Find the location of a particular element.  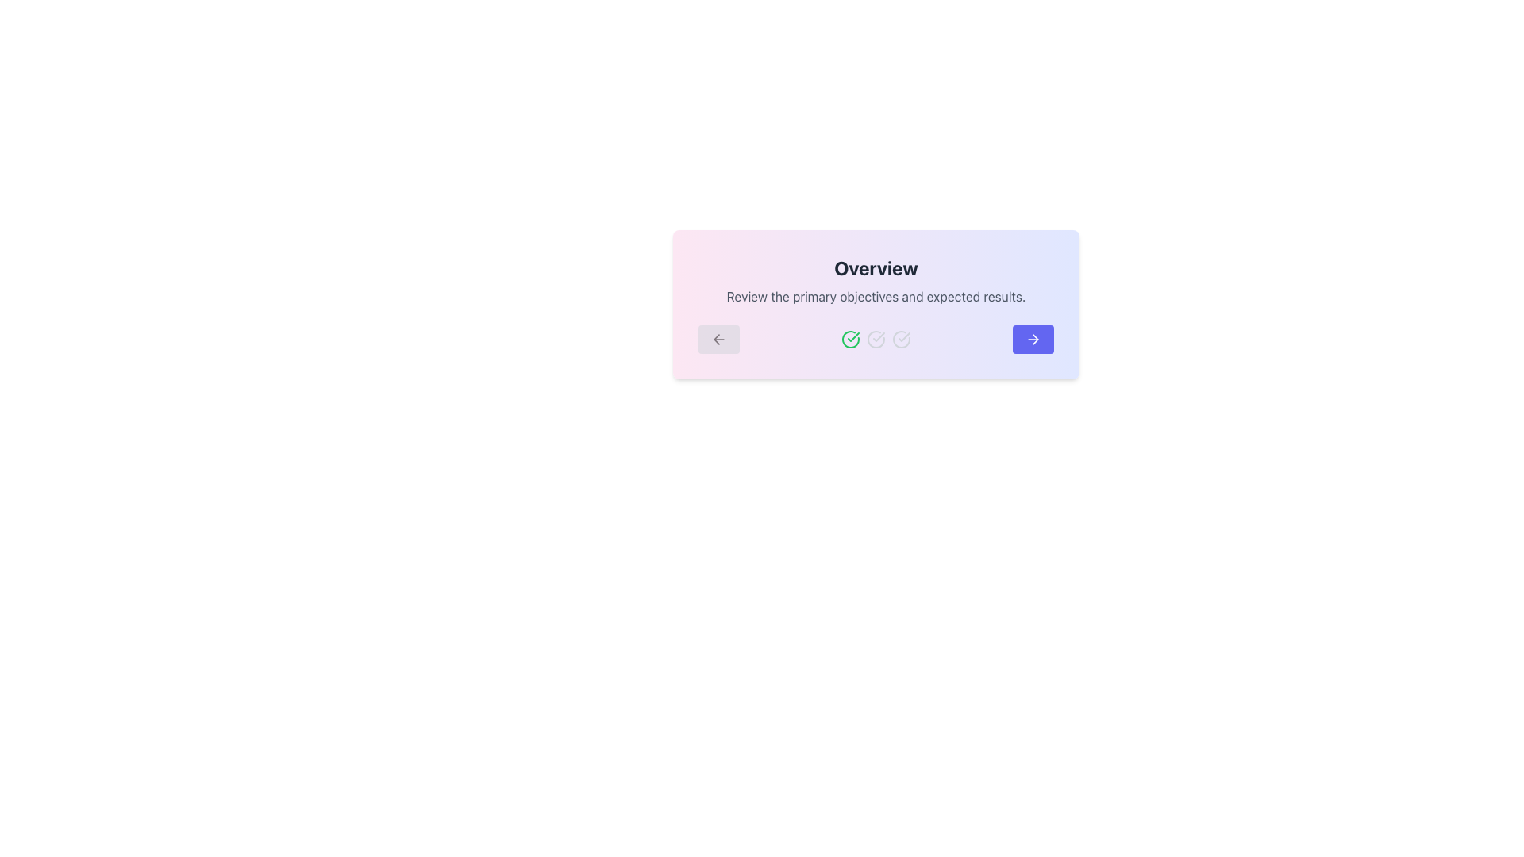

the navigation button located at the far-left side, which is disabled indicating the user is at the first step or the functionality is not accessible is located at coordinates (718, 339).